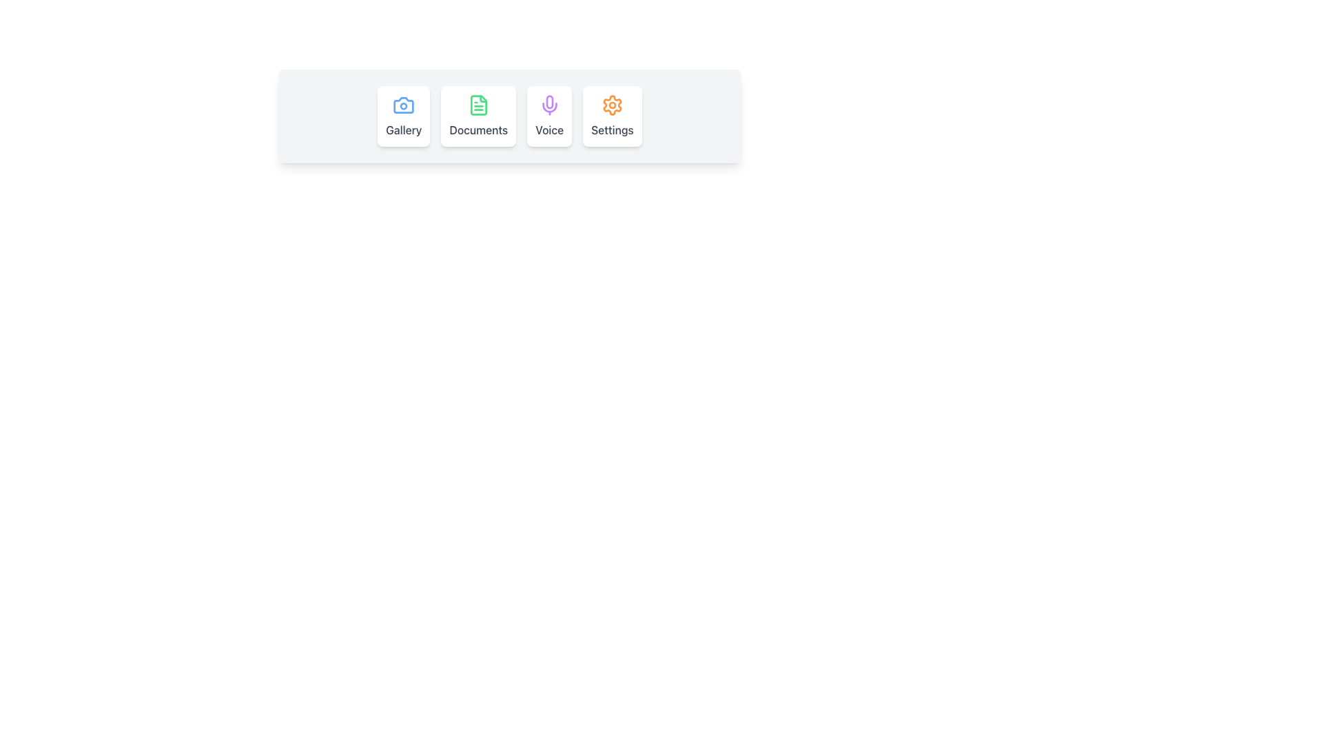  What do you see at coordinates (611, 105) in the screenshot?
I see `the bright orange cogwheel icon button located as the rightmost icon in a horizontal row of four icons` at bounding box center [611, 105].